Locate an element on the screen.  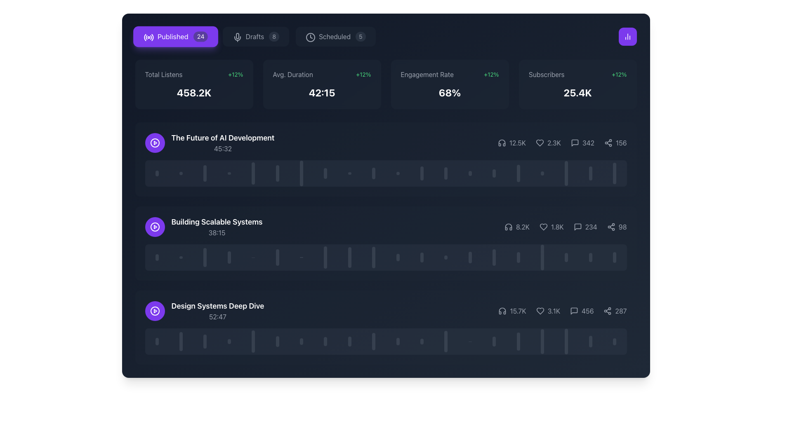
the Text Display that shows '2.3K' in light gray color, located in the second row of 'The Future of AI Development' section, to the right of the heart-shaped icon is located at coordinates (554, 143).